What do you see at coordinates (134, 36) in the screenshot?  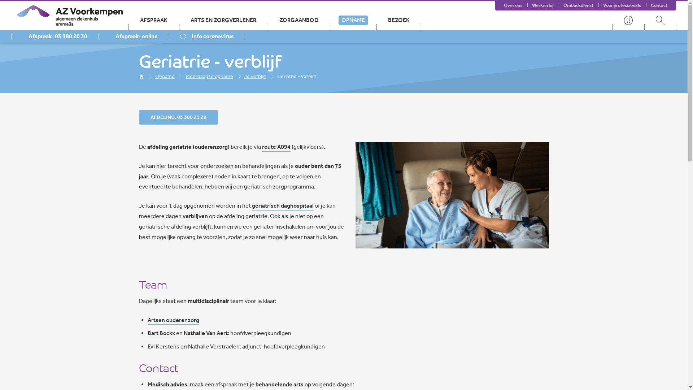 I see `'Afspraak: online'` at bounding box center [134, 36].